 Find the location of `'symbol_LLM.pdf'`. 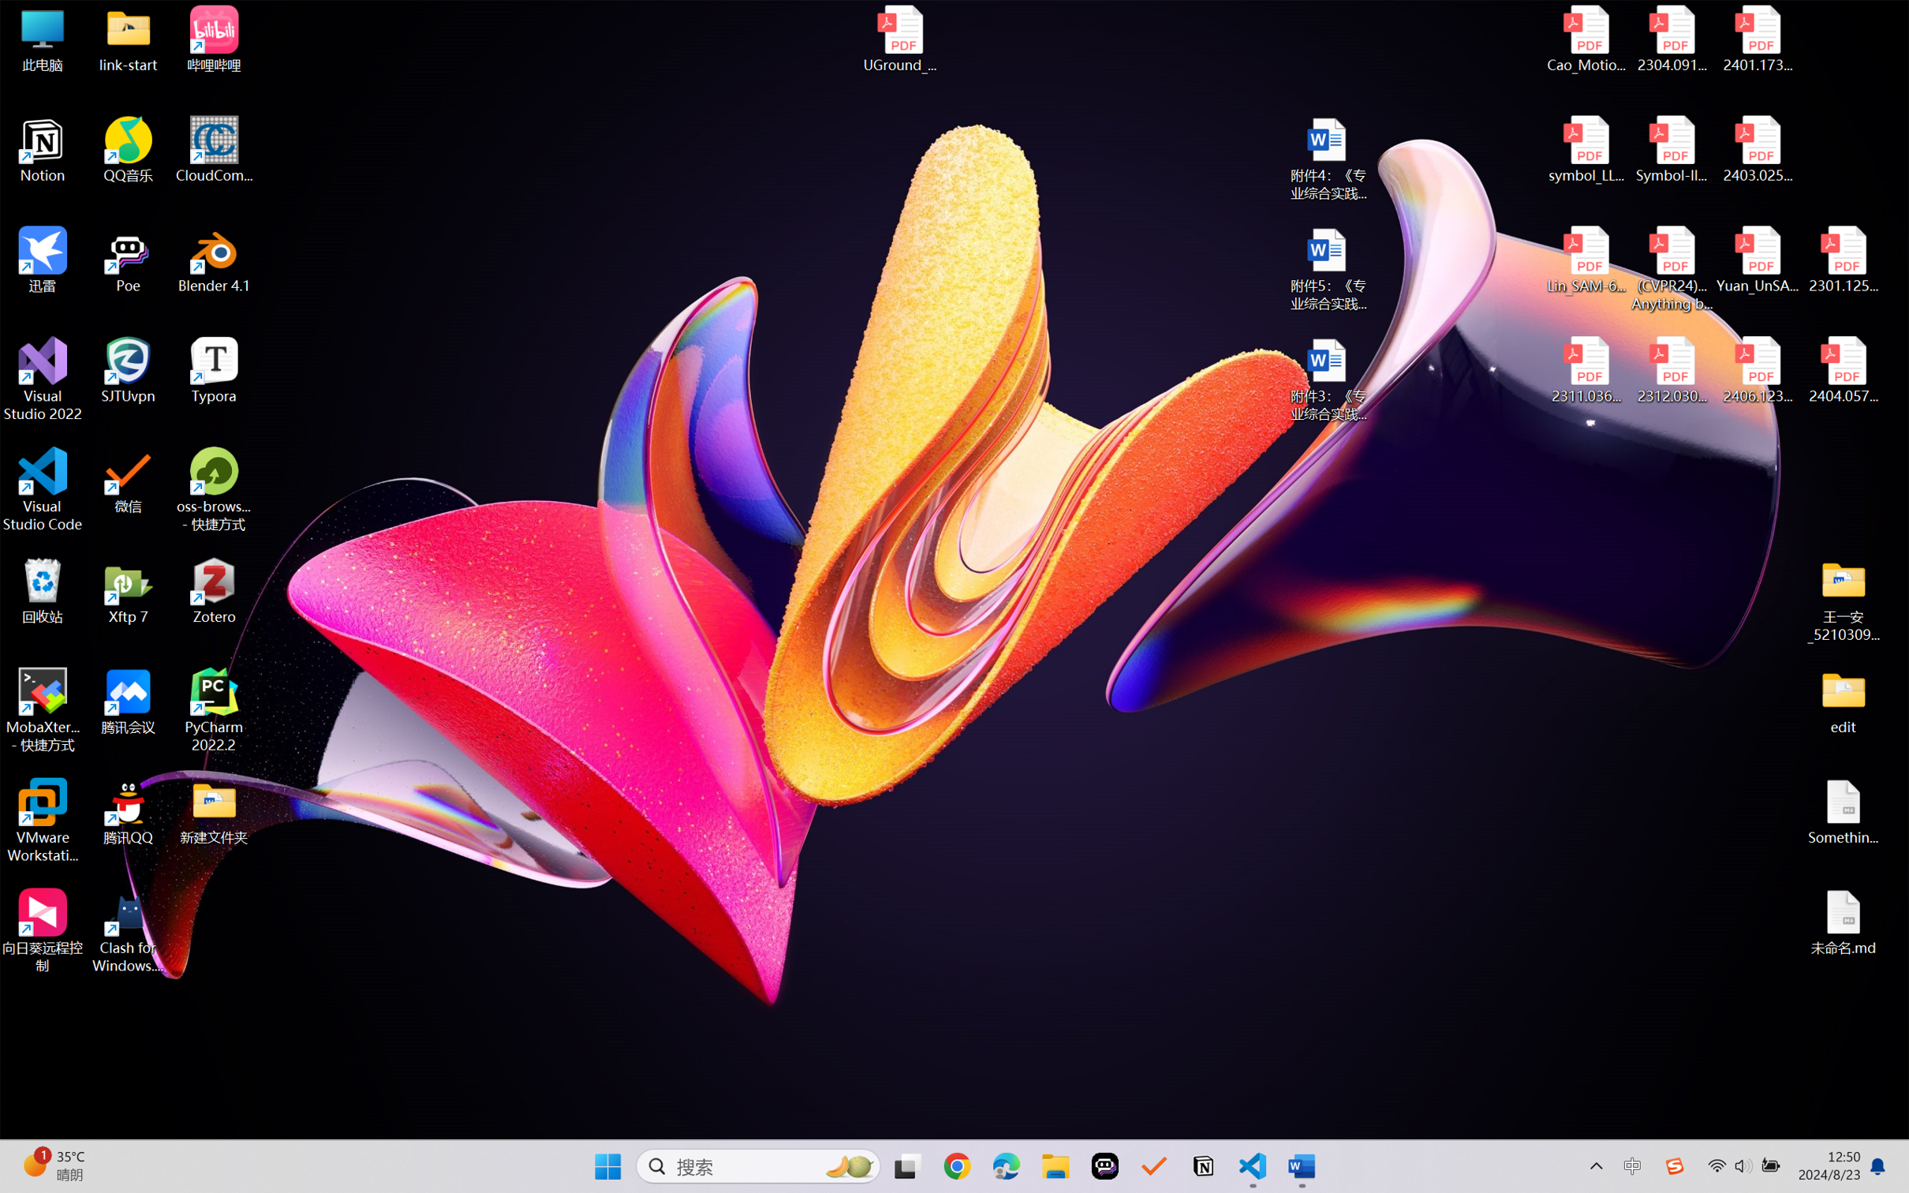

'symbol_LLM.pdf' is located at coordinates (1586, 150).